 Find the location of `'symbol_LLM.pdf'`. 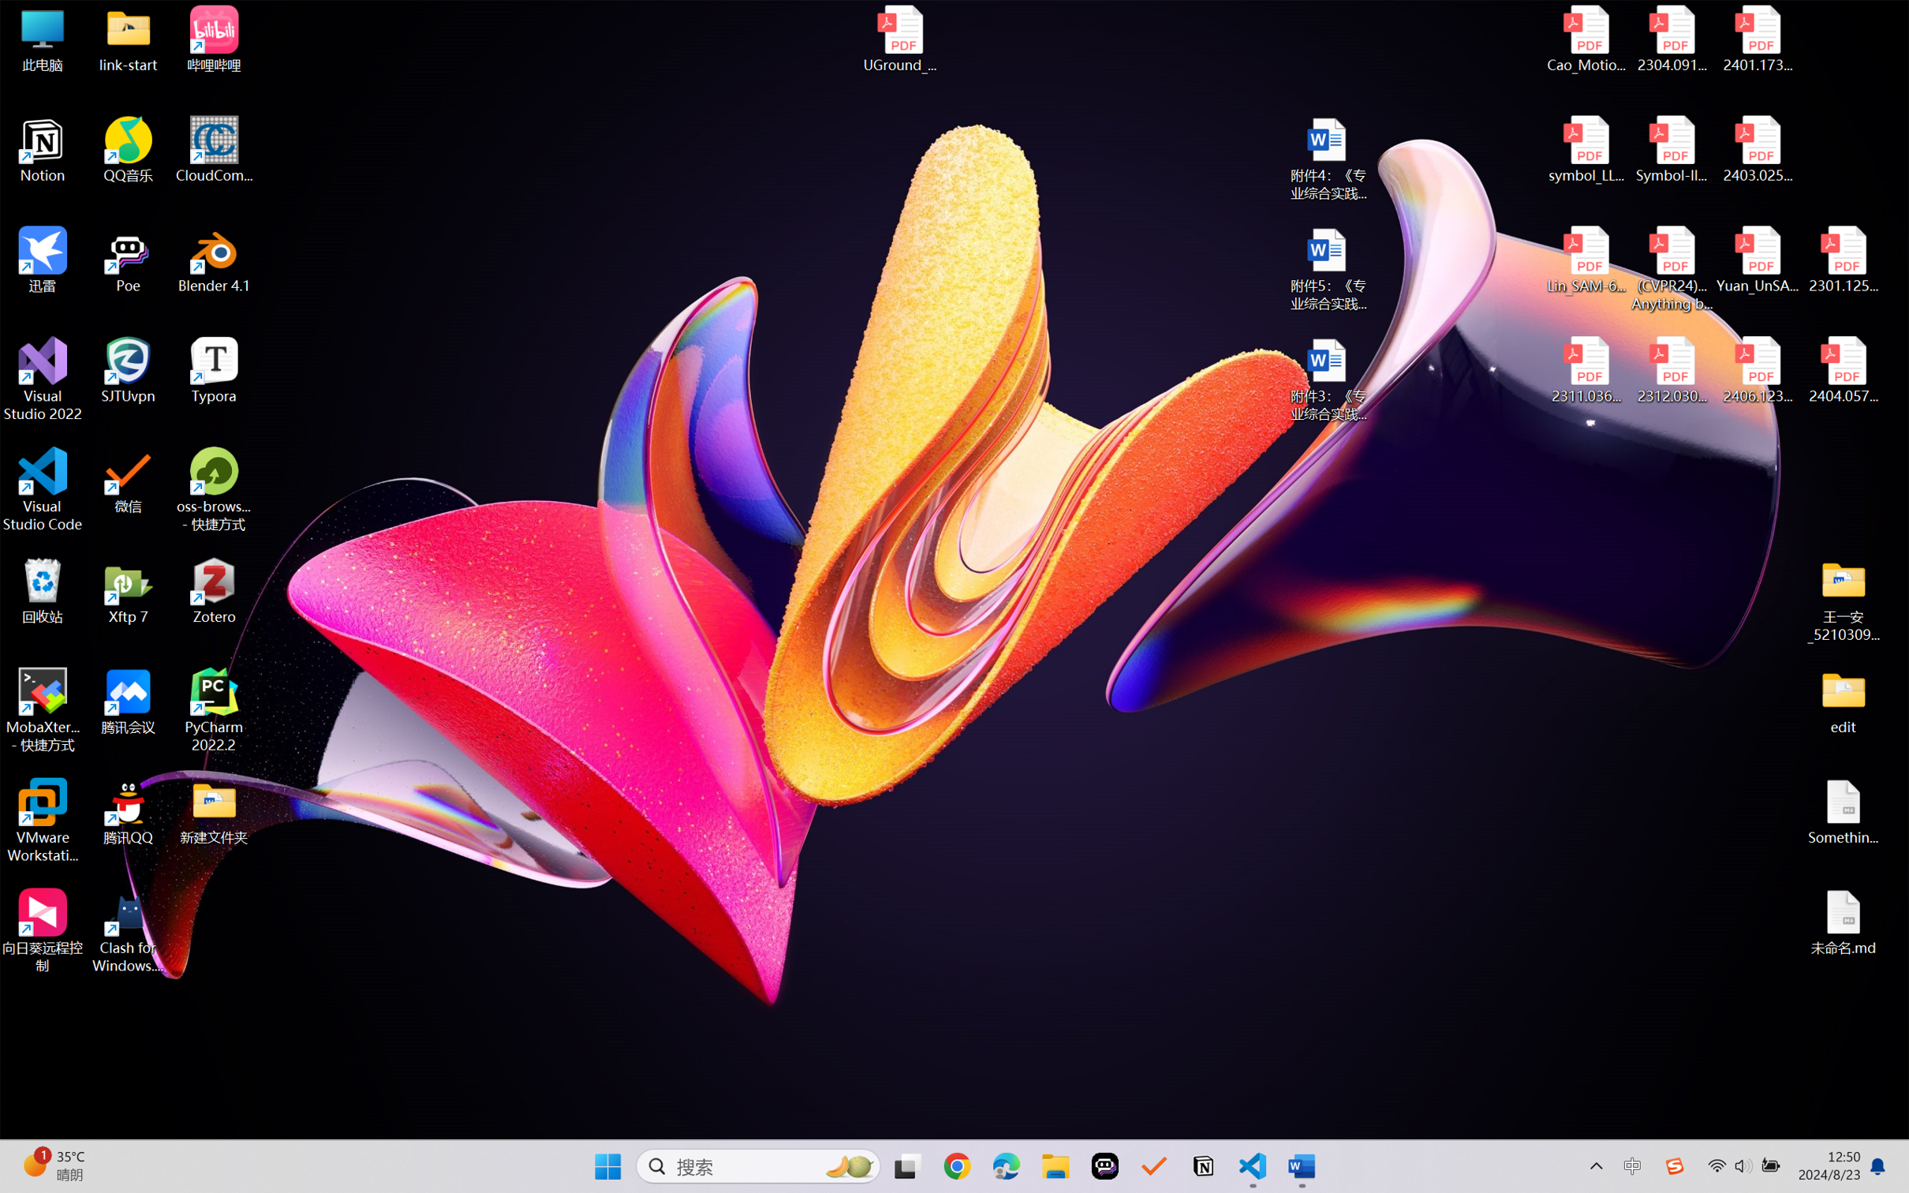

'symbol_LLM.pdf' is located at coordinates (1586, 150).